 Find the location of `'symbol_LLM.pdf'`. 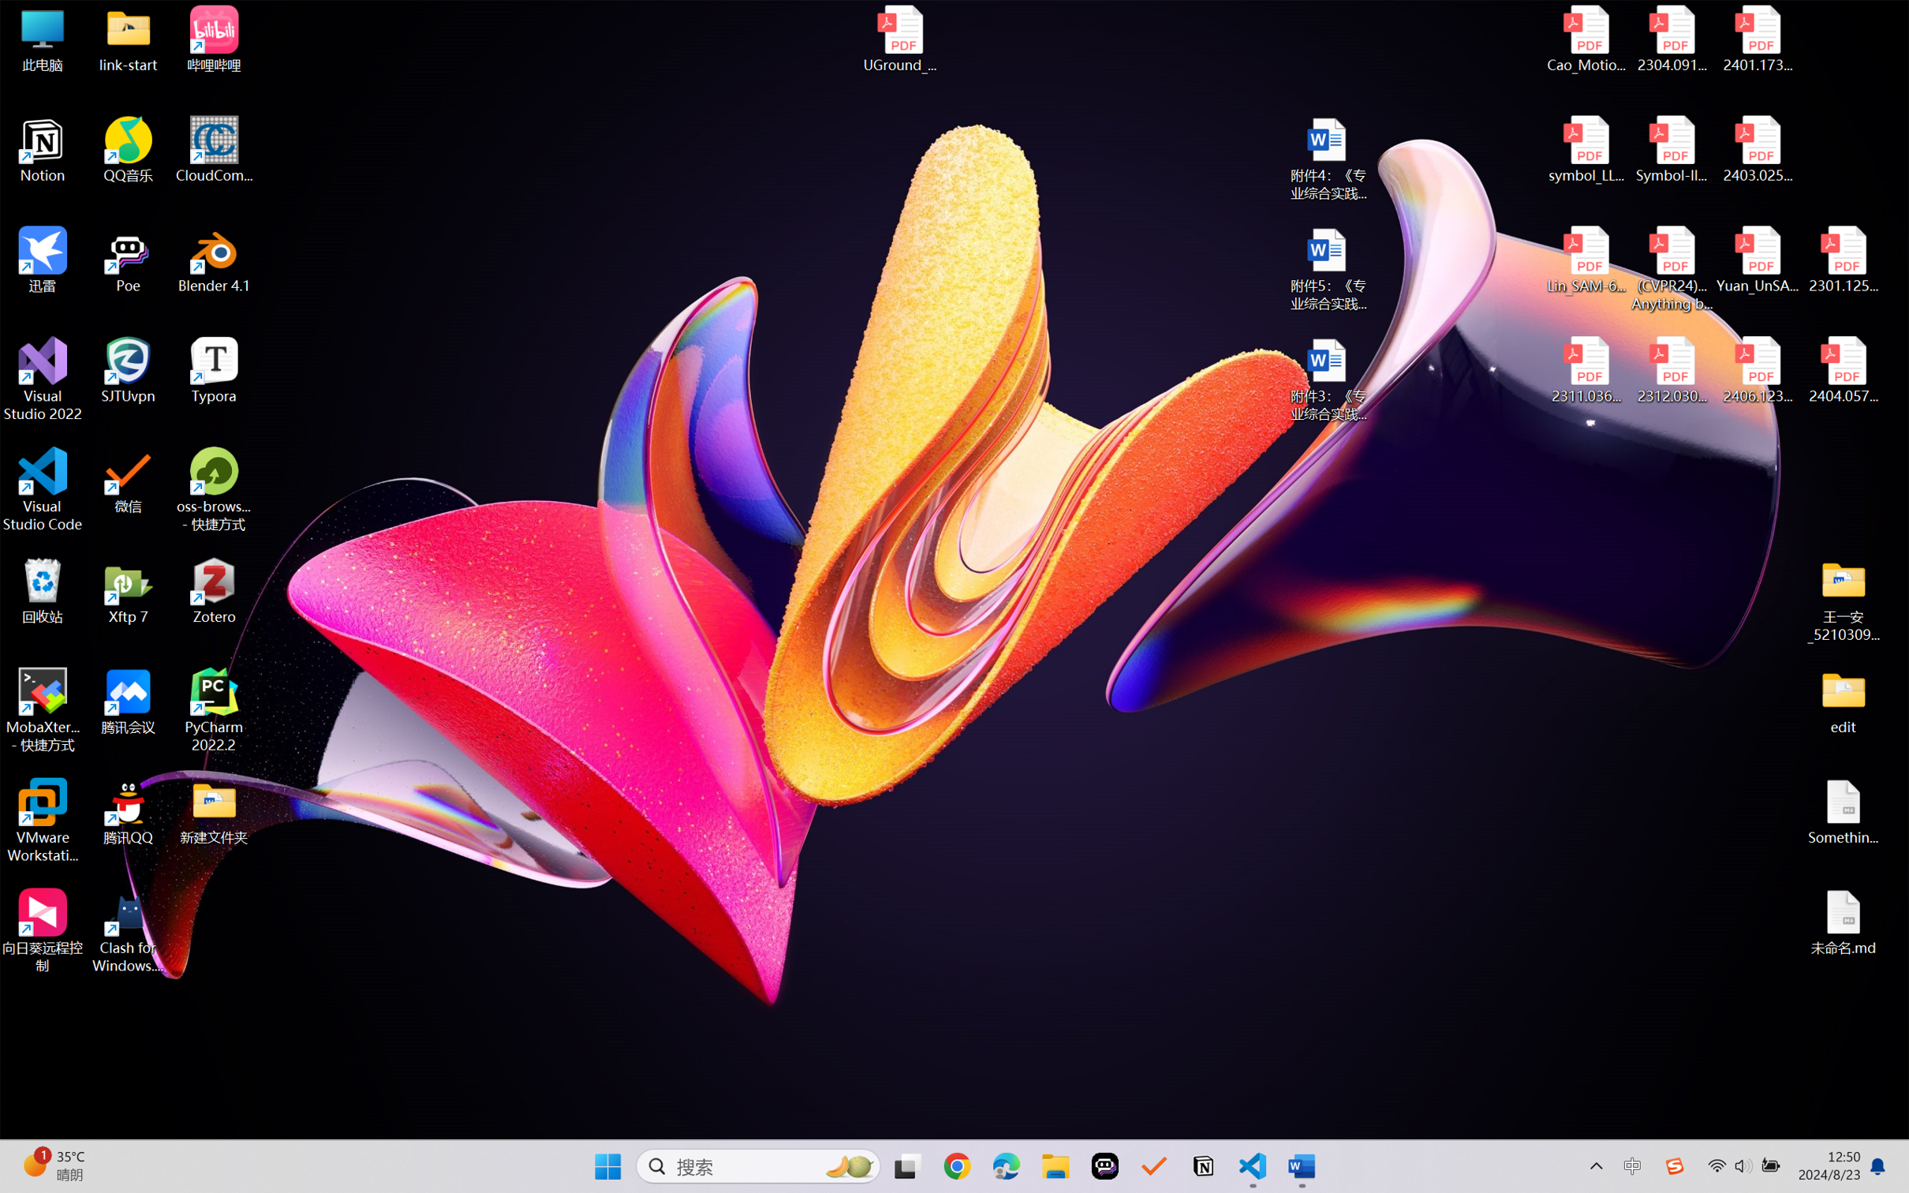

'symbol_LLM.pdf' is located at coordinates (1586, 150).